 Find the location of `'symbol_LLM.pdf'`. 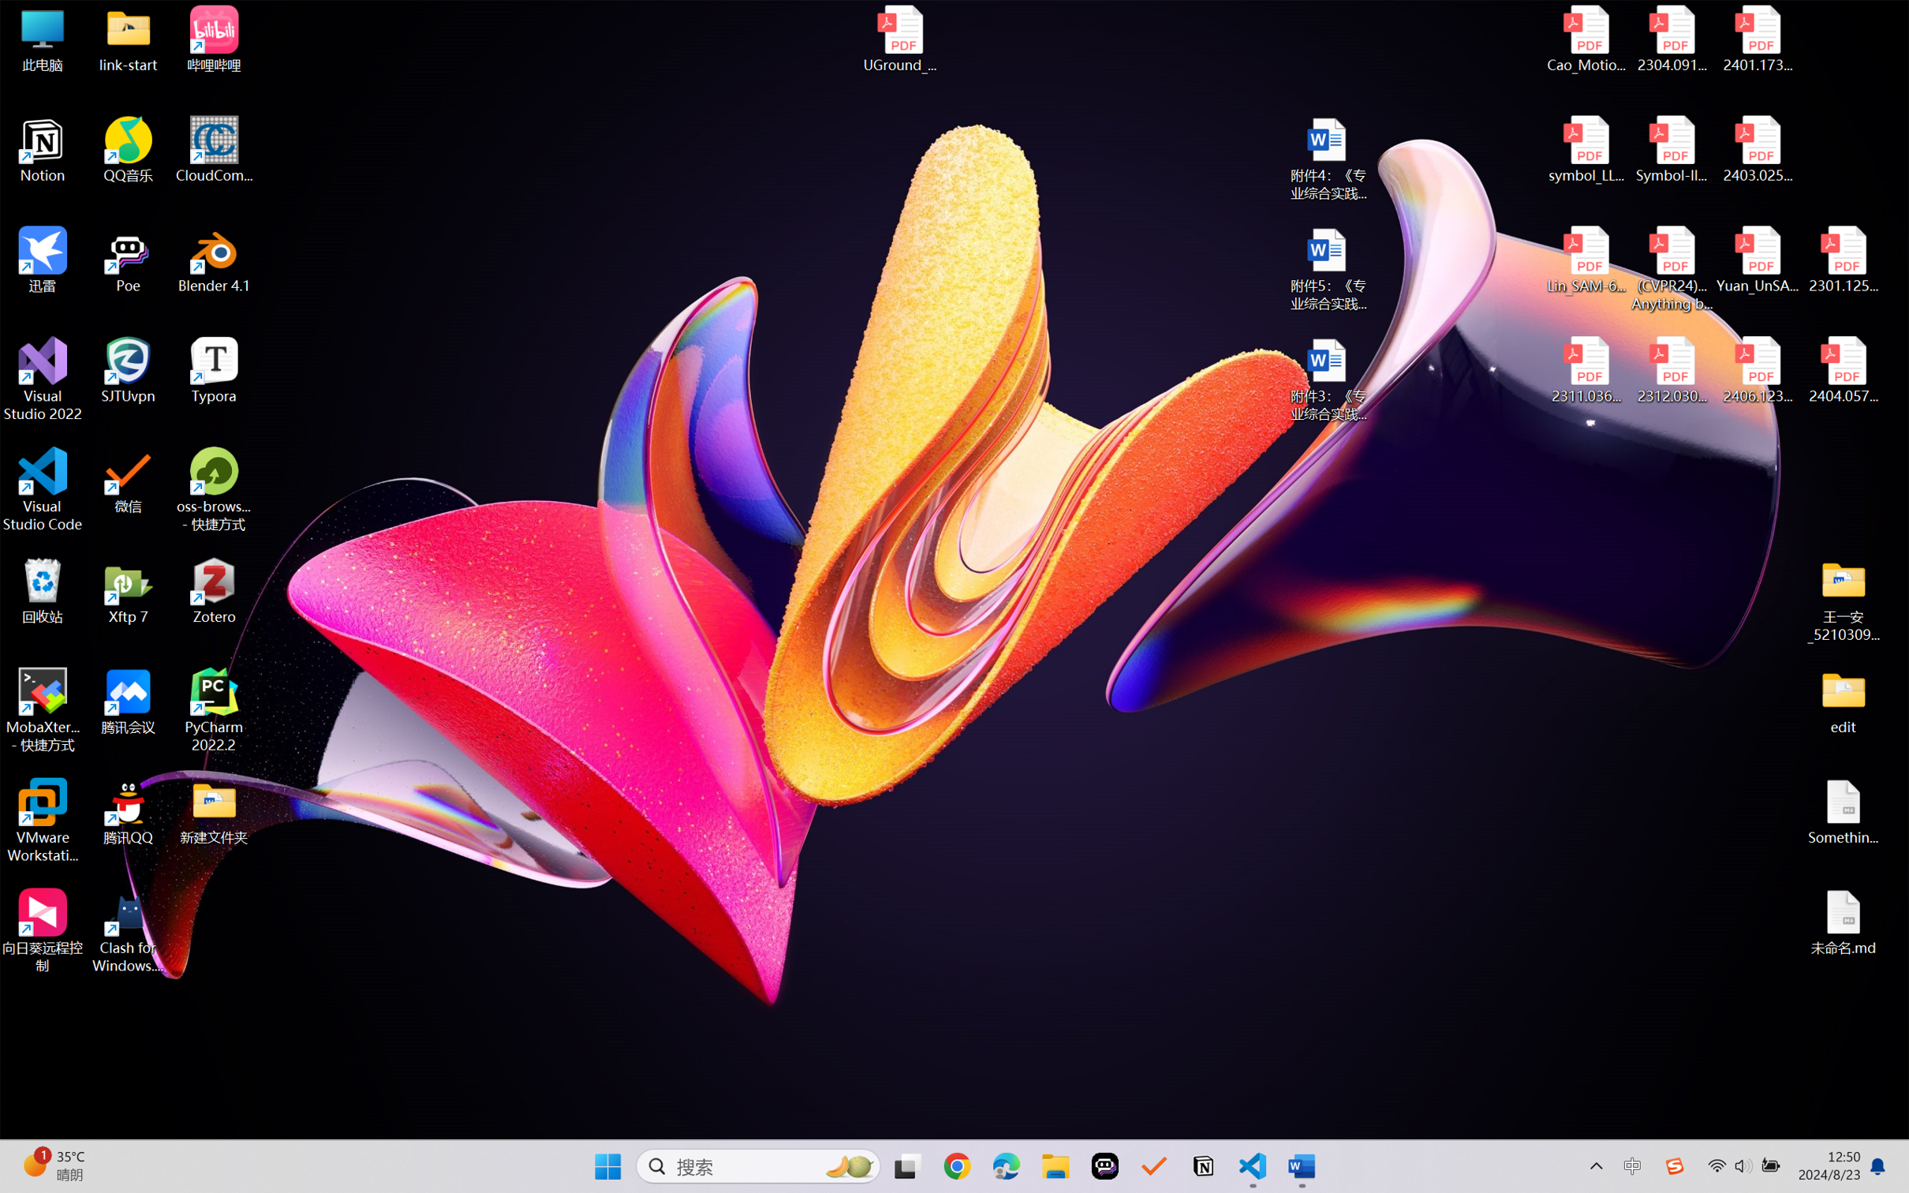

'symbol_LLM.pdf' is located at coordinates (1586, 150).